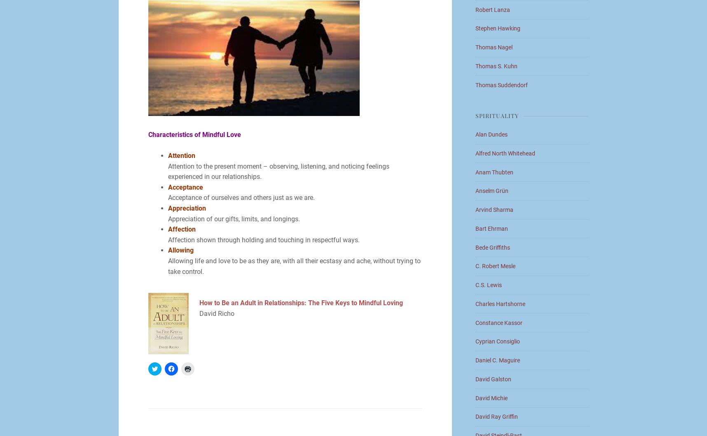 The height and width of the screenshot is (436, 707). Describe the element at coordinates (488, 285) in the screenshot. I see `'C.S. Lewis'` at that location.